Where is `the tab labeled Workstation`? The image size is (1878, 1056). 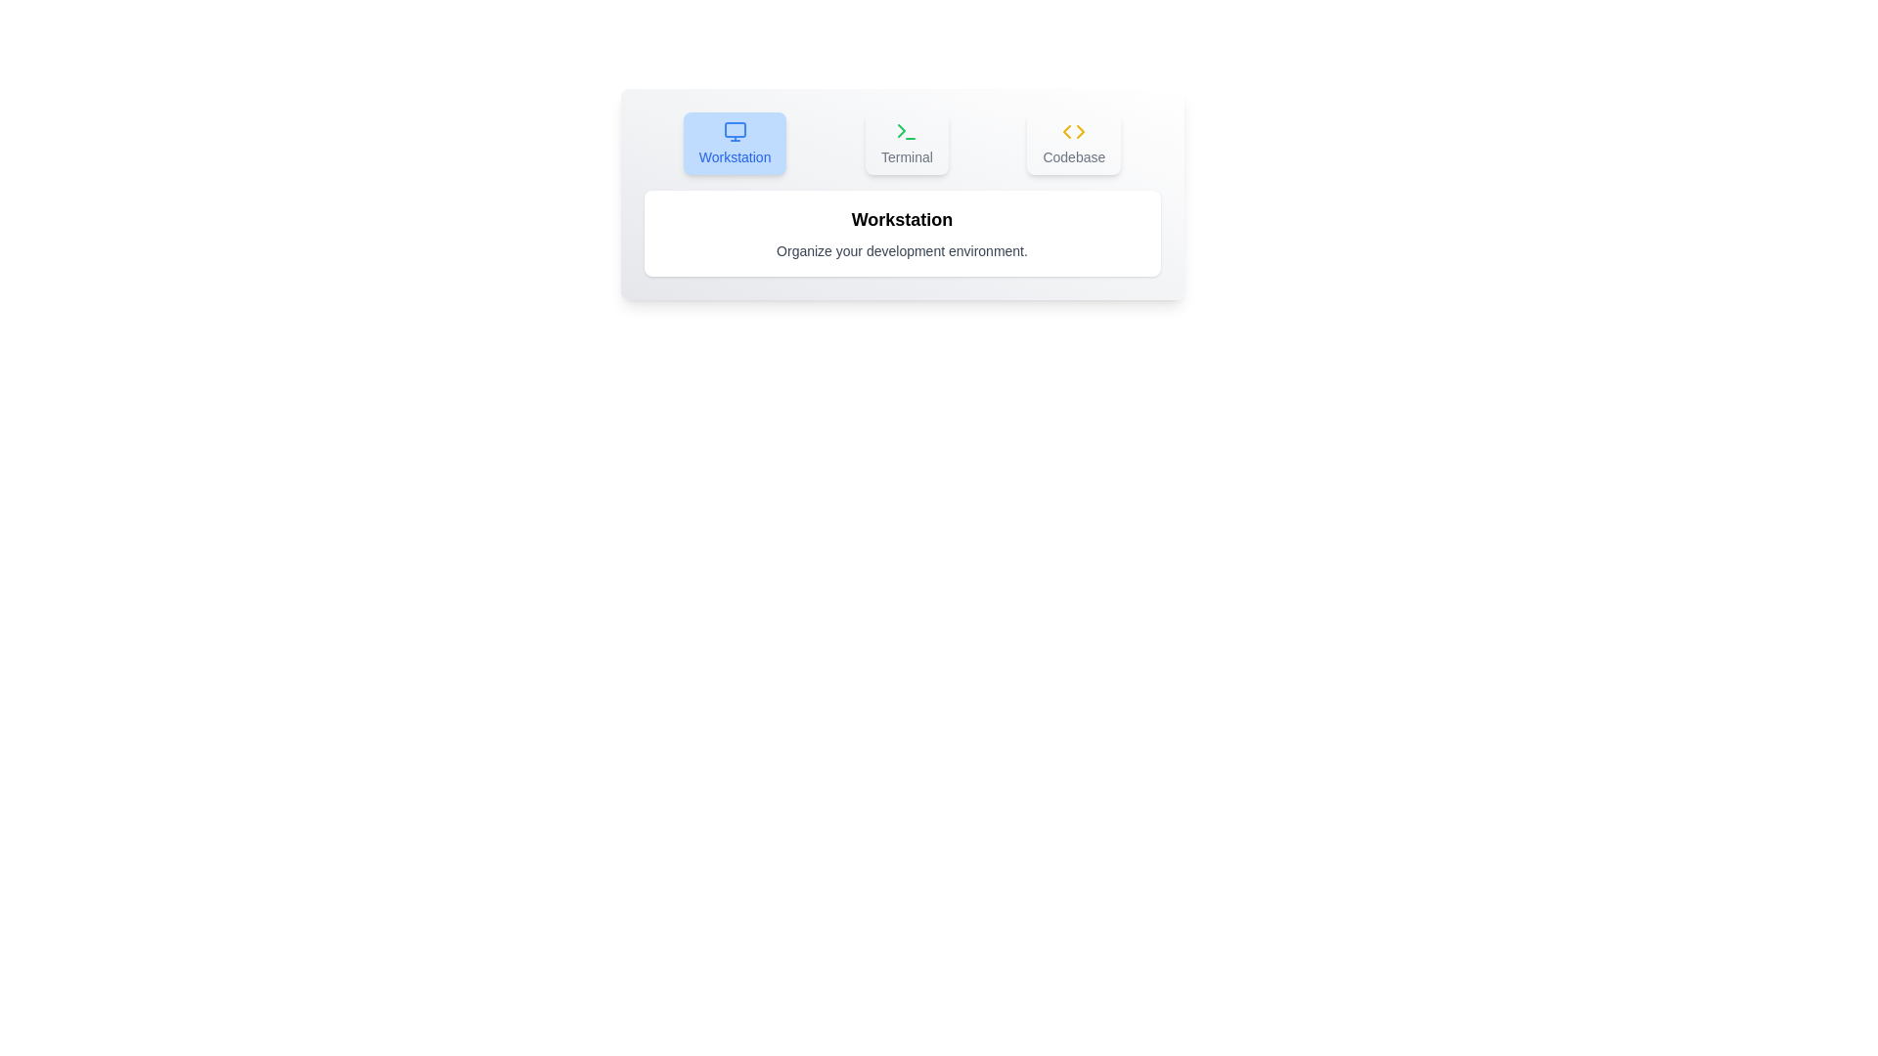
the tab labeled Workstation is located at coordinates (734, 142).